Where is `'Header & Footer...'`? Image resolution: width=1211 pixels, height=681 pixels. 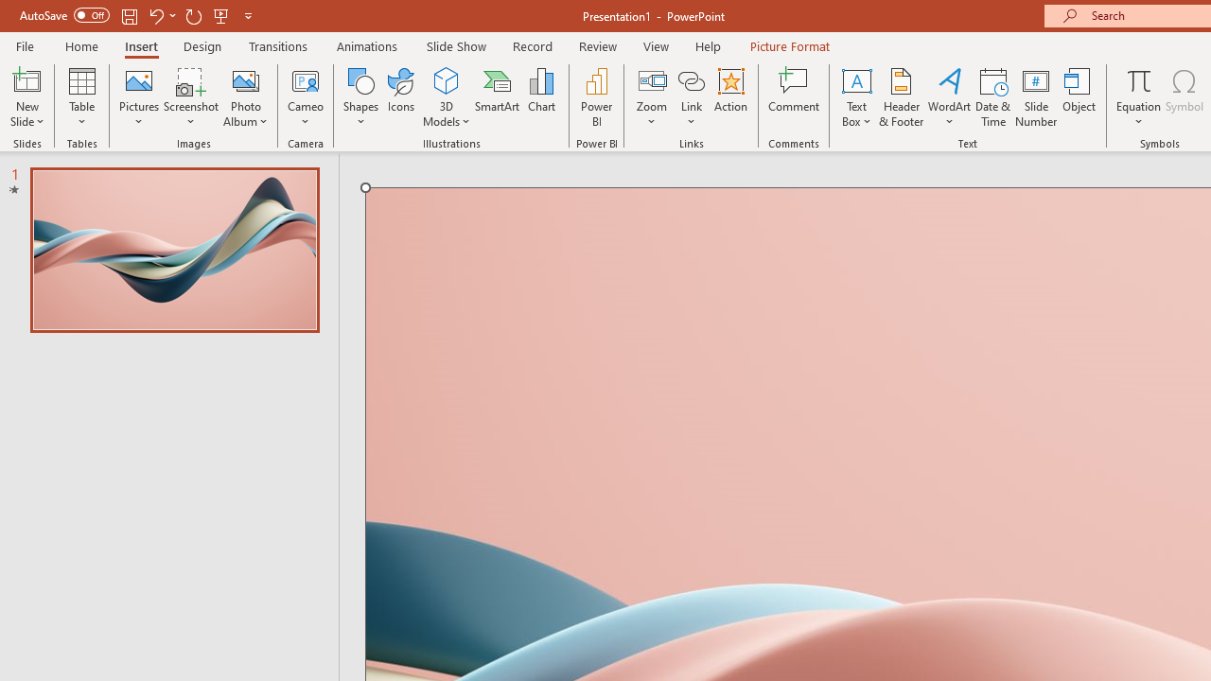
'Header & Footer...' is located at coordinates (900, 97).